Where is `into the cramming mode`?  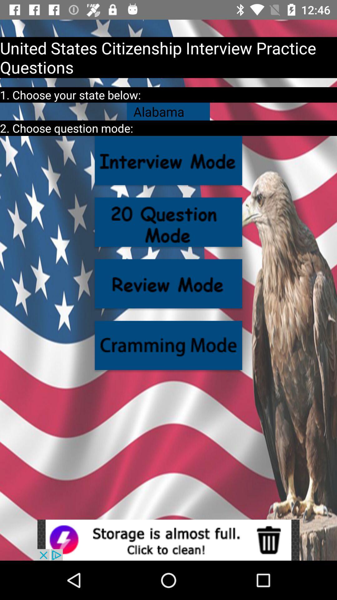 into the cramming mode is located at coordinates (168, 345).